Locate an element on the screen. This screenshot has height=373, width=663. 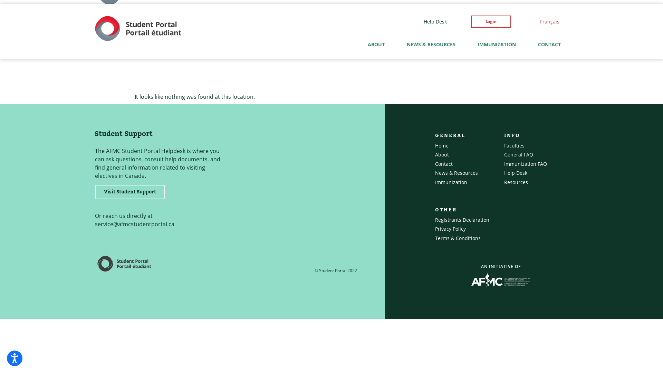
'About' is located at coordinates (442, 154).